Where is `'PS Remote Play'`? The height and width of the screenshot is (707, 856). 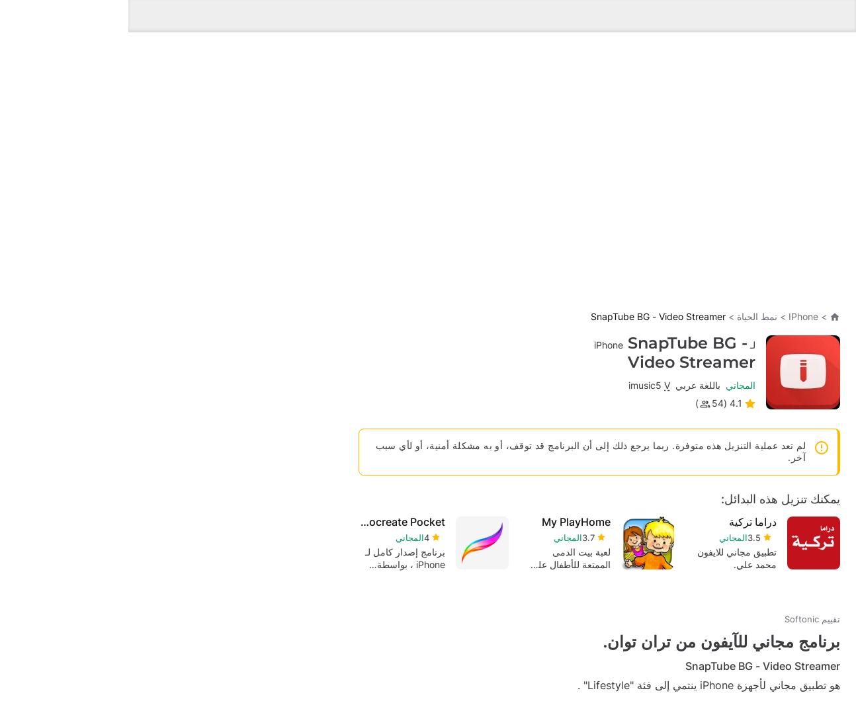
'PS Remote Play' is located at coordinates (404, 548).